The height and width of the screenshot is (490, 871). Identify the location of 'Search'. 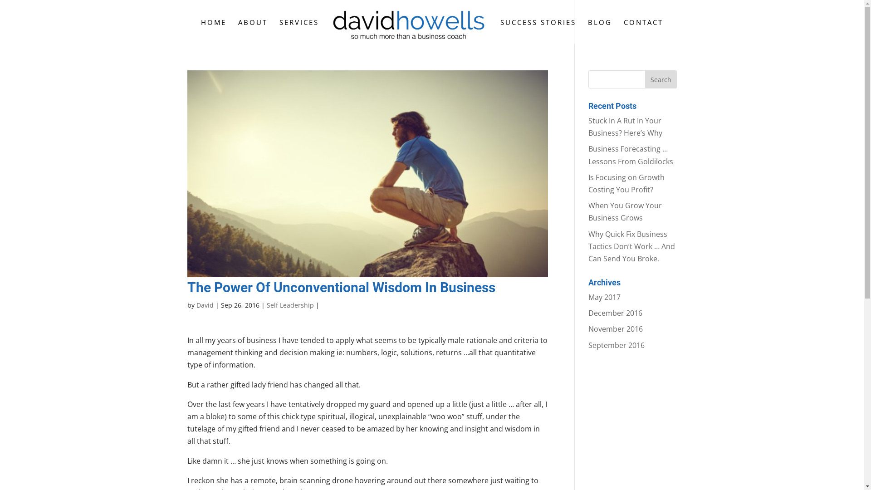
(644, 78).